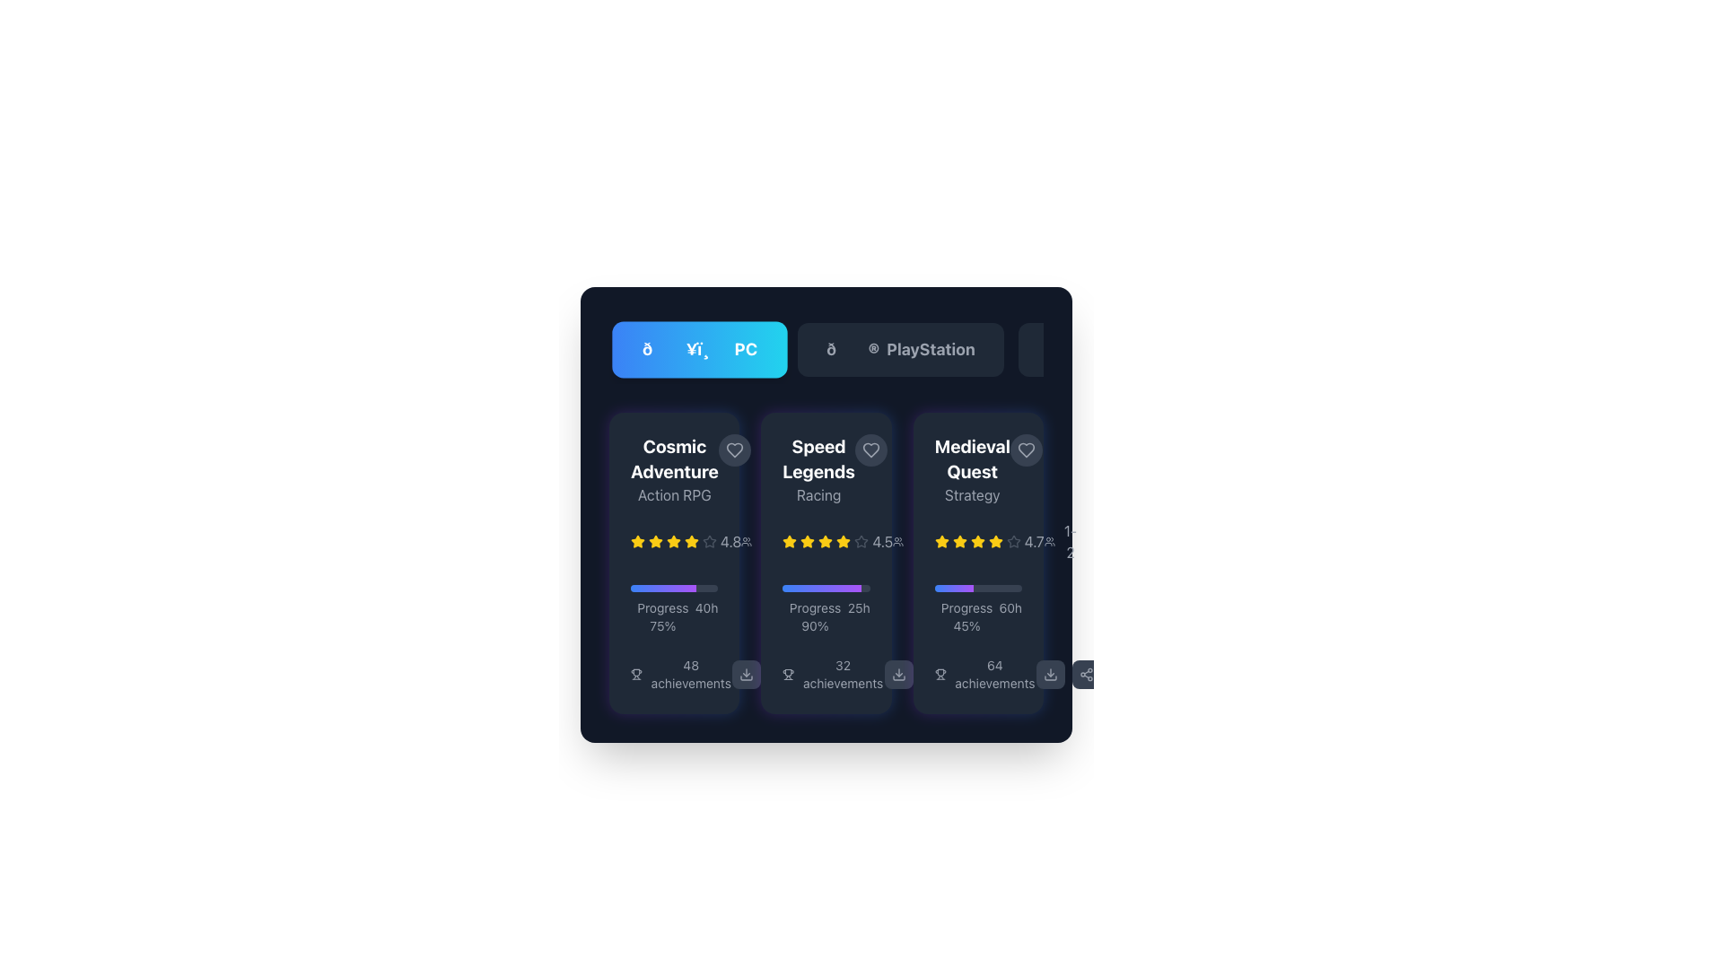 The image size is (1723, 969). I want to click on the horizontal progress bar with a gradient fill indicating progress within the 'Speed Legends' card, located below the star rating and above the 'Progress 25h 90%' text, so click(821, 588).